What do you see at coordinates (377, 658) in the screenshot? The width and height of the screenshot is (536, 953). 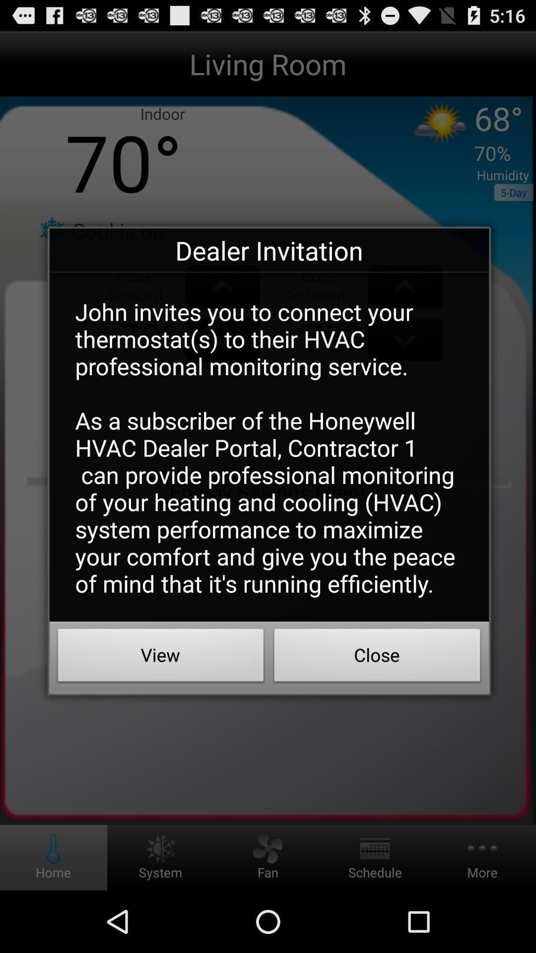 I see `the item next to the view` at bounding box center [377, 658].